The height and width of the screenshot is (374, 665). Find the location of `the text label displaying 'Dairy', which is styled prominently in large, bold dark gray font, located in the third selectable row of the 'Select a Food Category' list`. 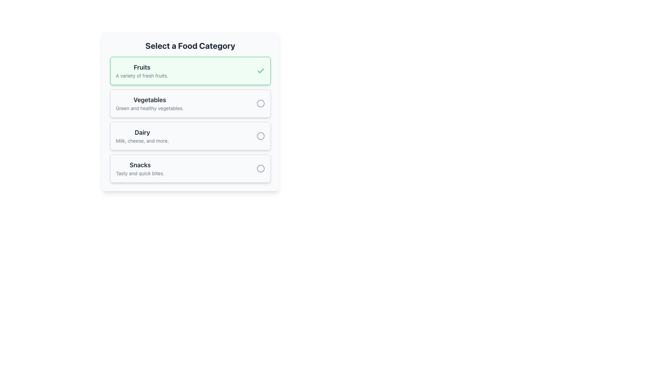

the text label displaying 'Dairy', which is styled prominently in large, bold dark gray font, located in the third selectable row of the 'Select a Food Category' list is located at coordinates (142, 132).